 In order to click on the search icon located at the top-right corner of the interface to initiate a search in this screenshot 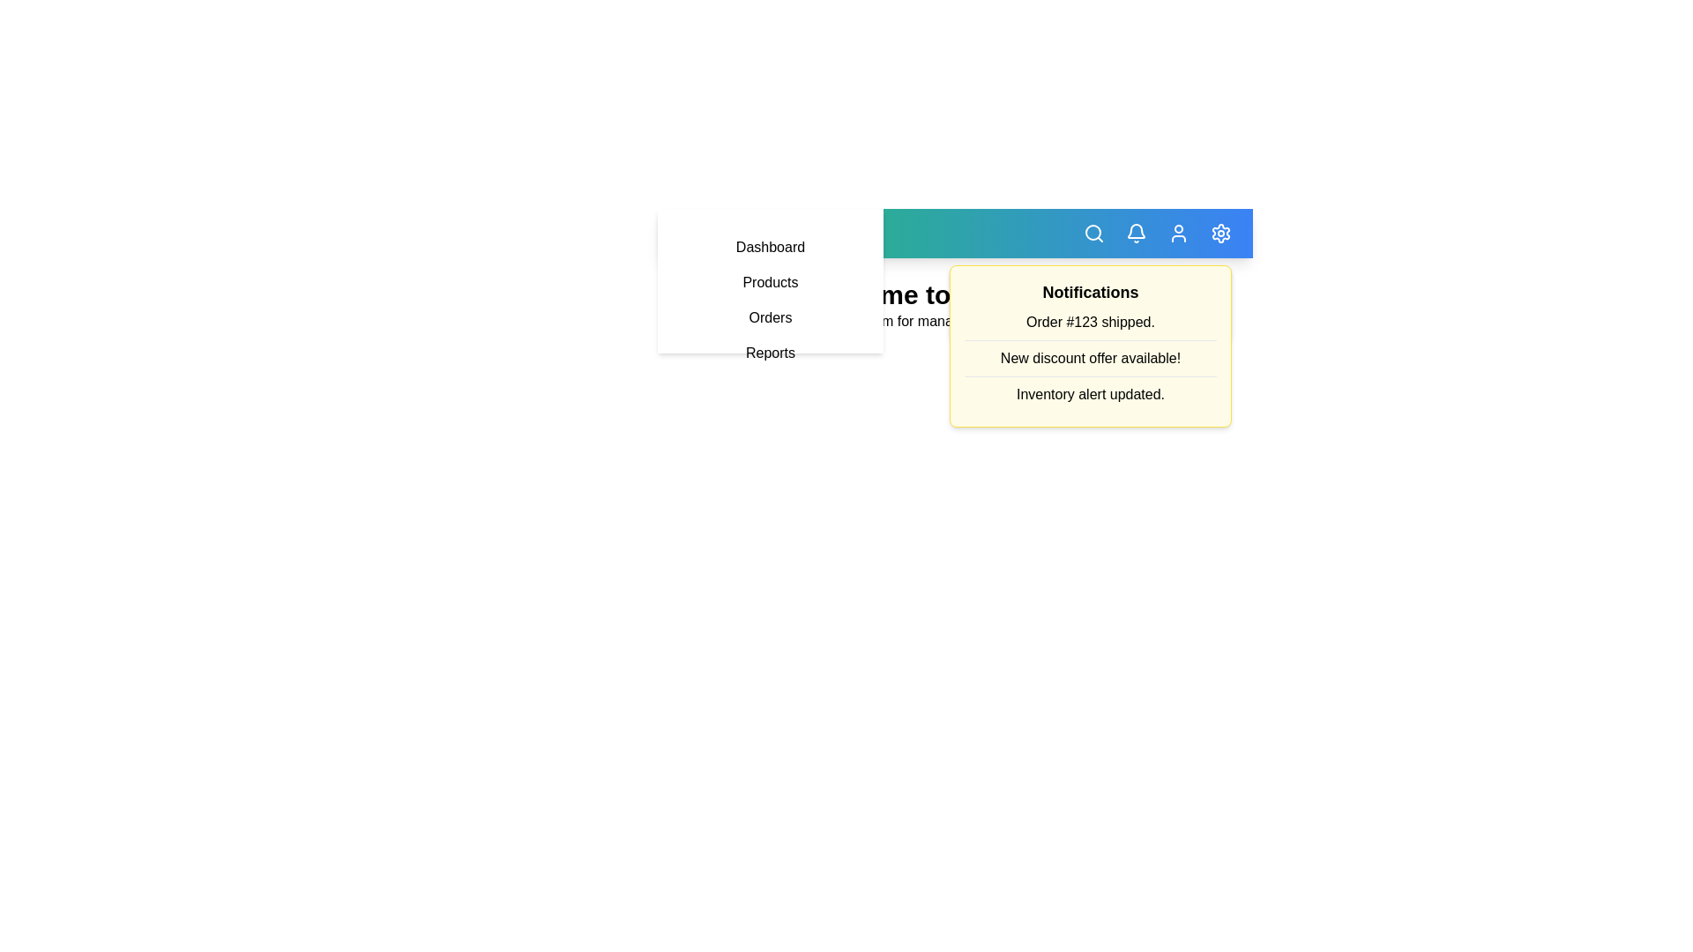, I will do `click(1093, 233)`.